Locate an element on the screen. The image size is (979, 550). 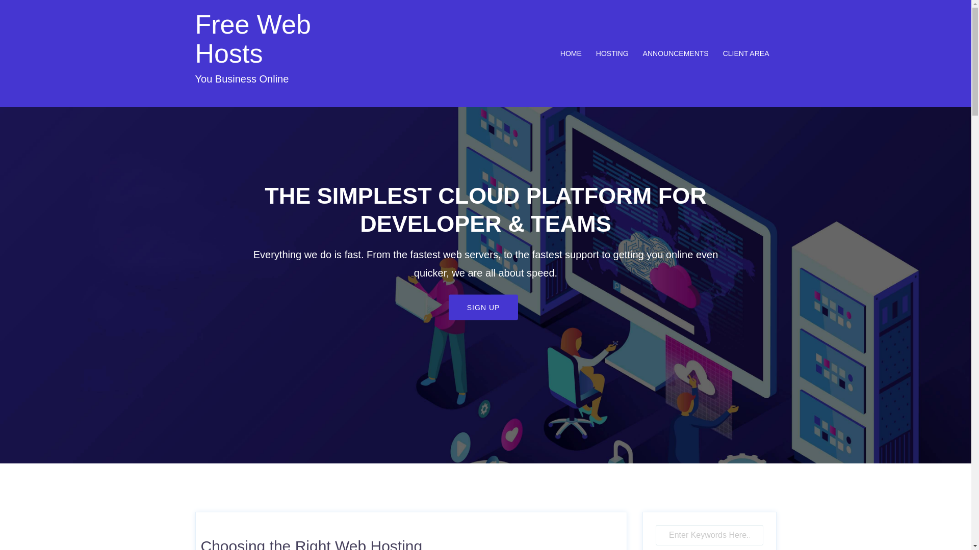
'Search' is located at coordinates (0, 12).